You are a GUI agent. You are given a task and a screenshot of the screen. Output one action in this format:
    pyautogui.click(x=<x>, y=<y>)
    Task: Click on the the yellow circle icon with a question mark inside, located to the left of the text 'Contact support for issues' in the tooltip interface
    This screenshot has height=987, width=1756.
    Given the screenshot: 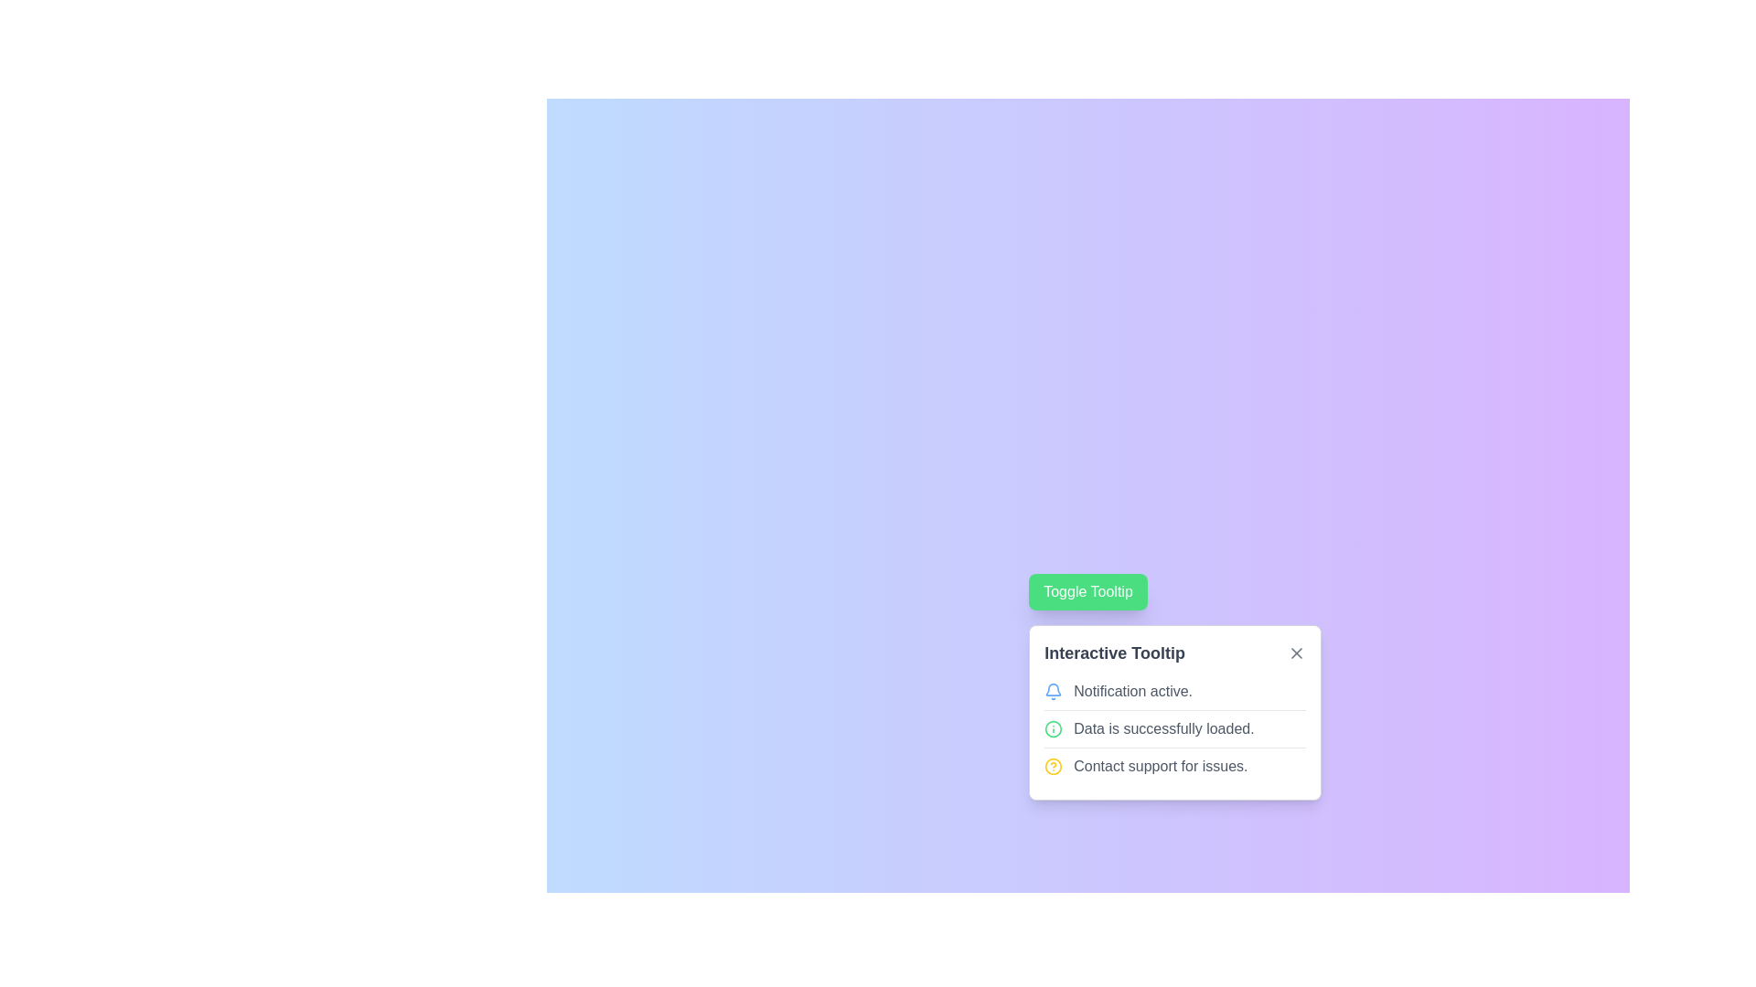 What is the action you would take?
    pyautogui.click(x=1054, y=767)
    